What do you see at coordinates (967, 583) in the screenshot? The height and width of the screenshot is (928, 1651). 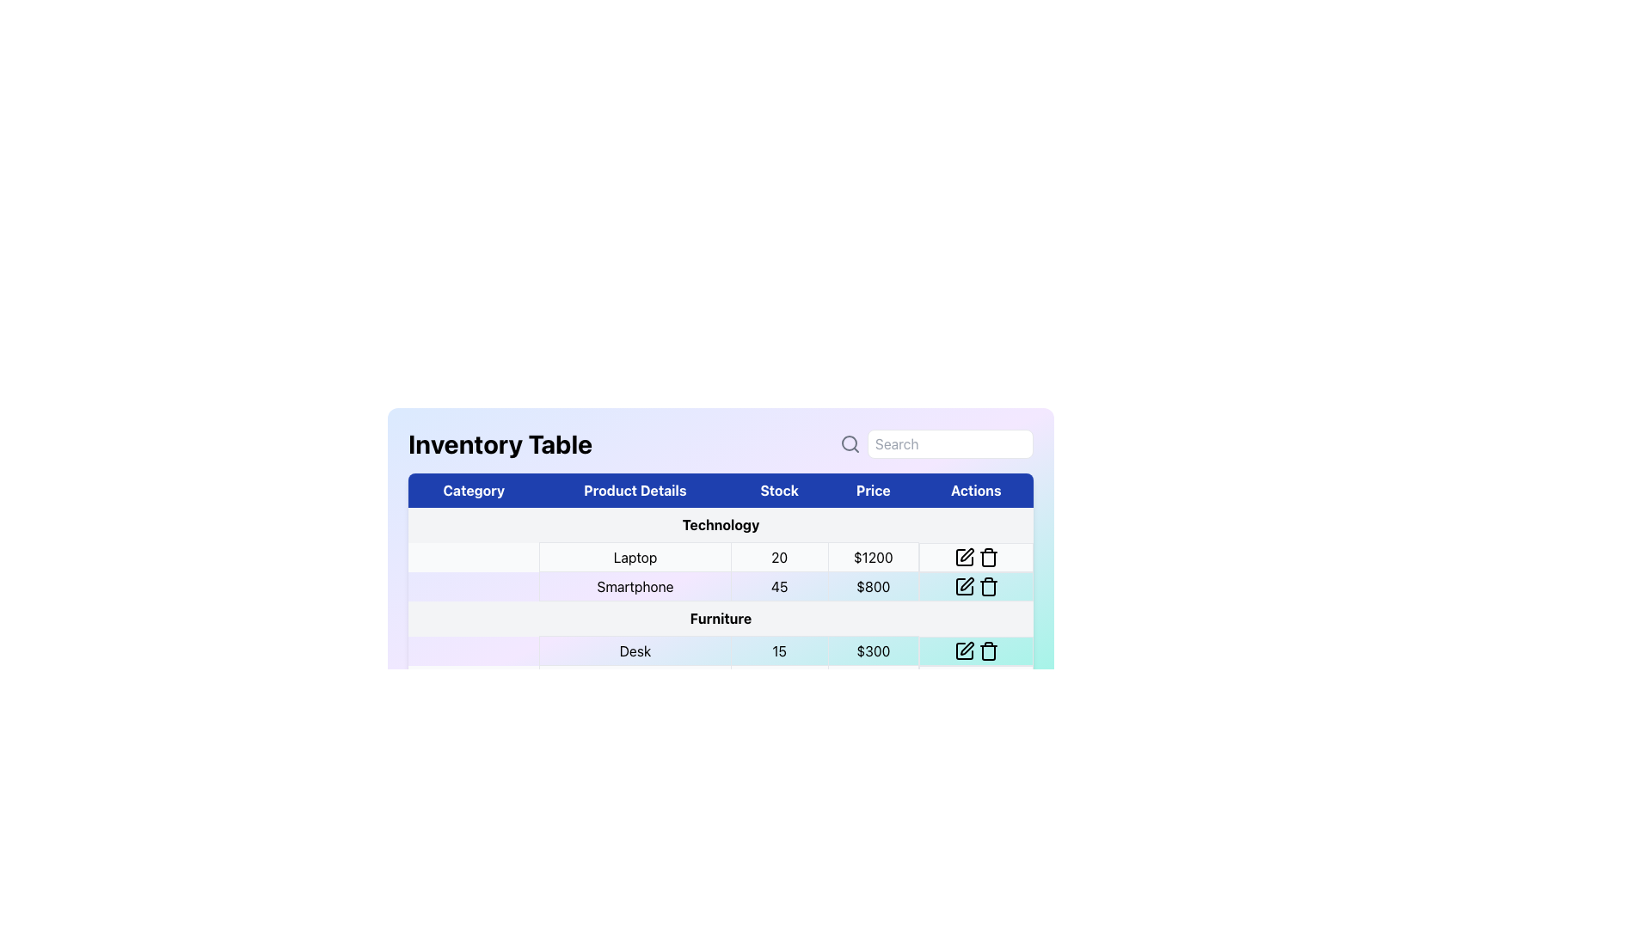 I see `the pen icon in the 'Actions' column of the 'Smartphone' row in the inventory table` at bounding box center [967, 583].